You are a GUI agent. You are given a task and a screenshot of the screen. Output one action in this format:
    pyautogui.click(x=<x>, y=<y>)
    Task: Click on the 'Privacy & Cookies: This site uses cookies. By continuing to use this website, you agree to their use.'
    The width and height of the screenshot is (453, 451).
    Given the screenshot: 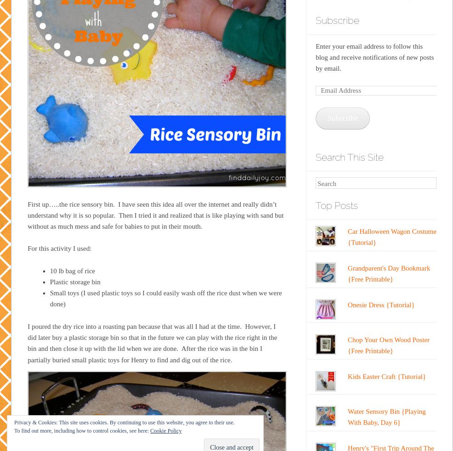 What is the action you would take?
    pyautogui.click(x=124, y=423)
    